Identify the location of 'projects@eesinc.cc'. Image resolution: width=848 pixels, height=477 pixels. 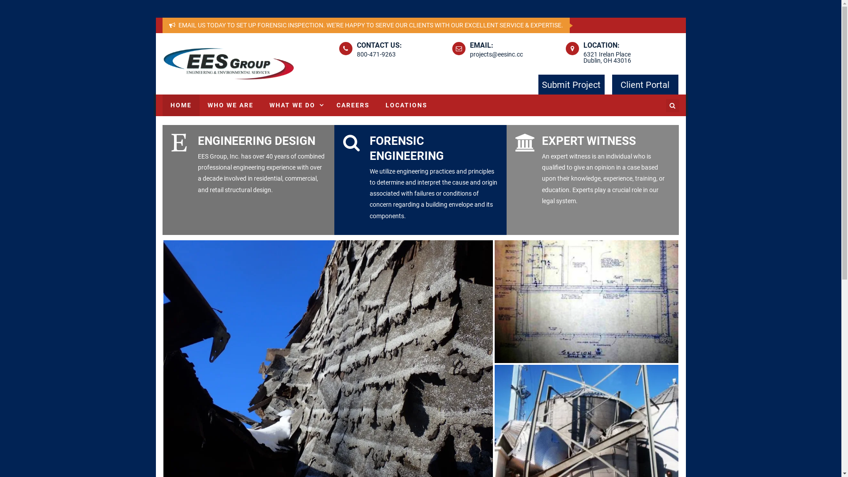
(496, 54).